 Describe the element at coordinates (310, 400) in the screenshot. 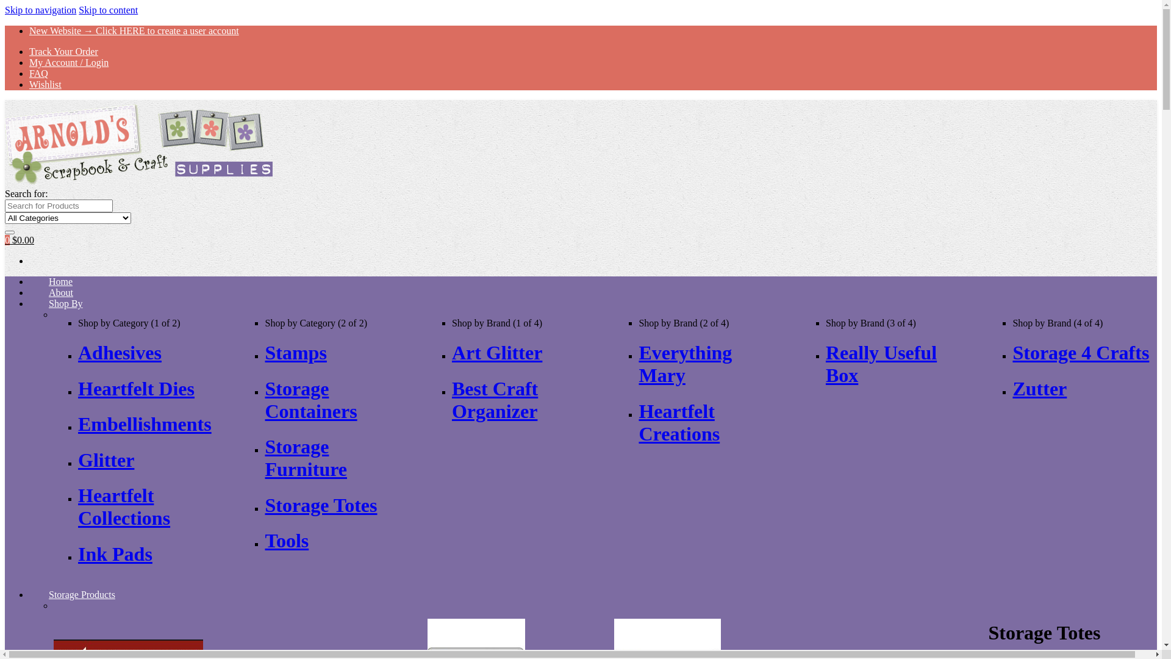

I see `'Storage Containers'` at that location.